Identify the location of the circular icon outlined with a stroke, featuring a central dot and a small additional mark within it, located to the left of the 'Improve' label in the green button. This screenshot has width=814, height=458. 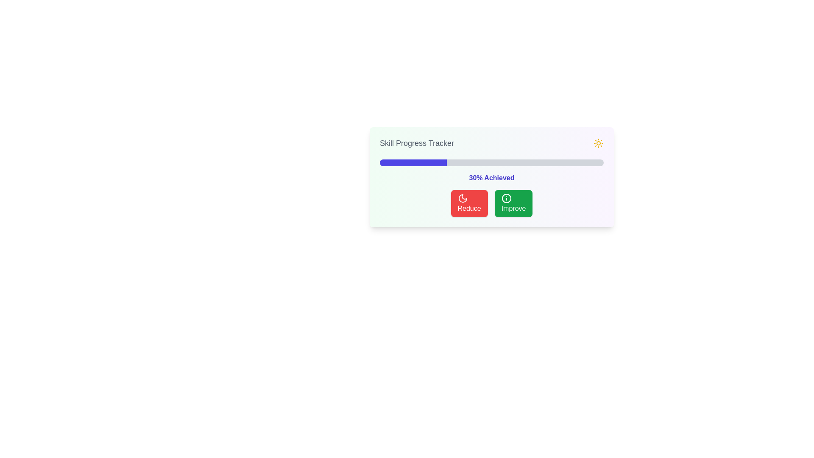
(506, 198).